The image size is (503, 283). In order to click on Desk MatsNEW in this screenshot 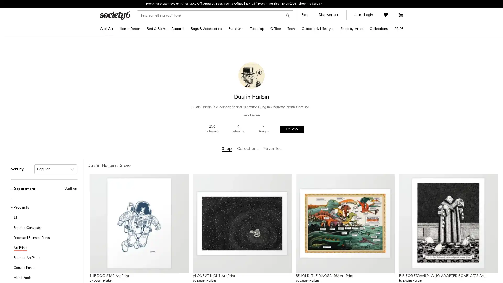, I will do `click(288, 42)`.